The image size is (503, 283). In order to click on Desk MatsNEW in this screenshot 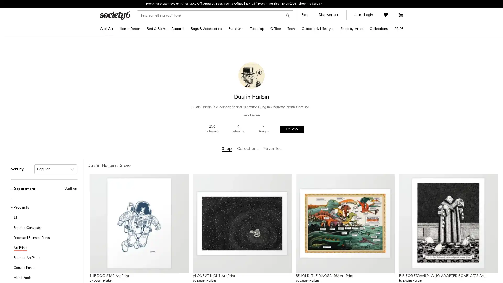, I will do `click(288, 42)`.